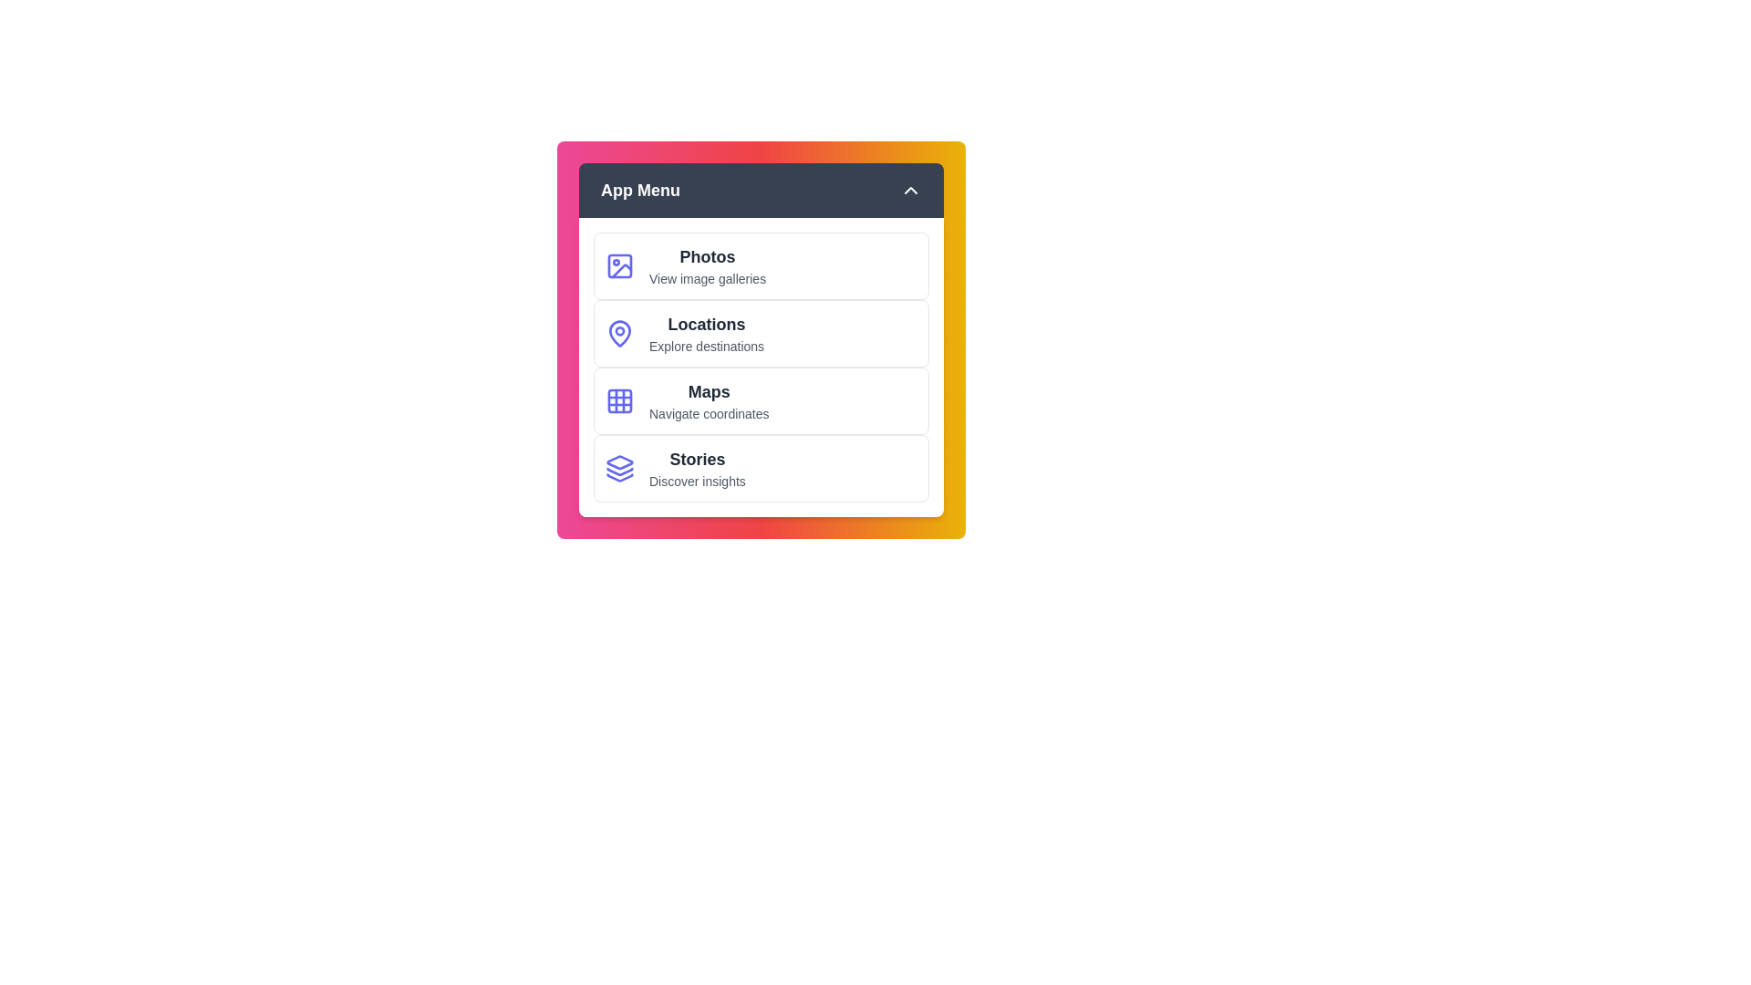 The height and width of the screenshot is (985, 1751). I want to click on the icon associated with the menu item 'Maps', so click(620, 399).